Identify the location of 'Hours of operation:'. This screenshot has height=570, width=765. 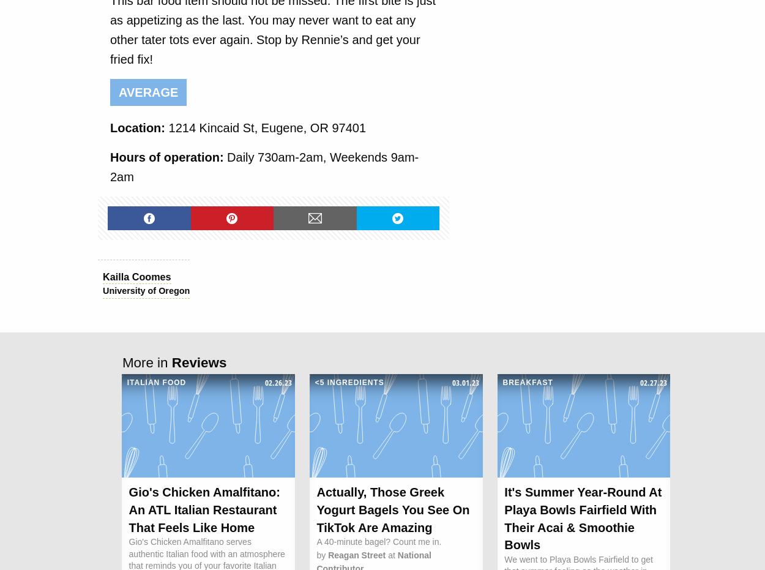
(168, 157).